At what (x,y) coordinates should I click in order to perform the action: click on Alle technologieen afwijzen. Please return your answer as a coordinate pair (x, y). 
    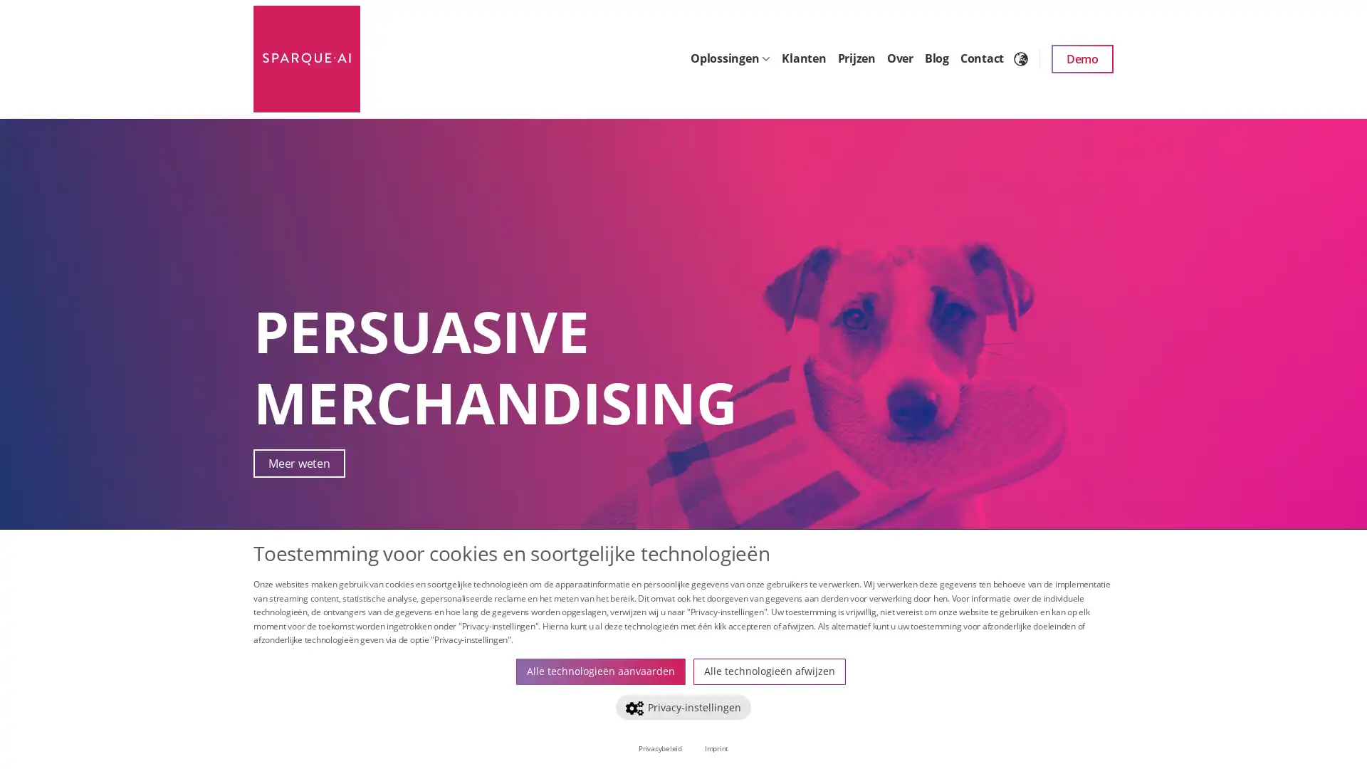
    Looking at the image, I should click on (768, 671).